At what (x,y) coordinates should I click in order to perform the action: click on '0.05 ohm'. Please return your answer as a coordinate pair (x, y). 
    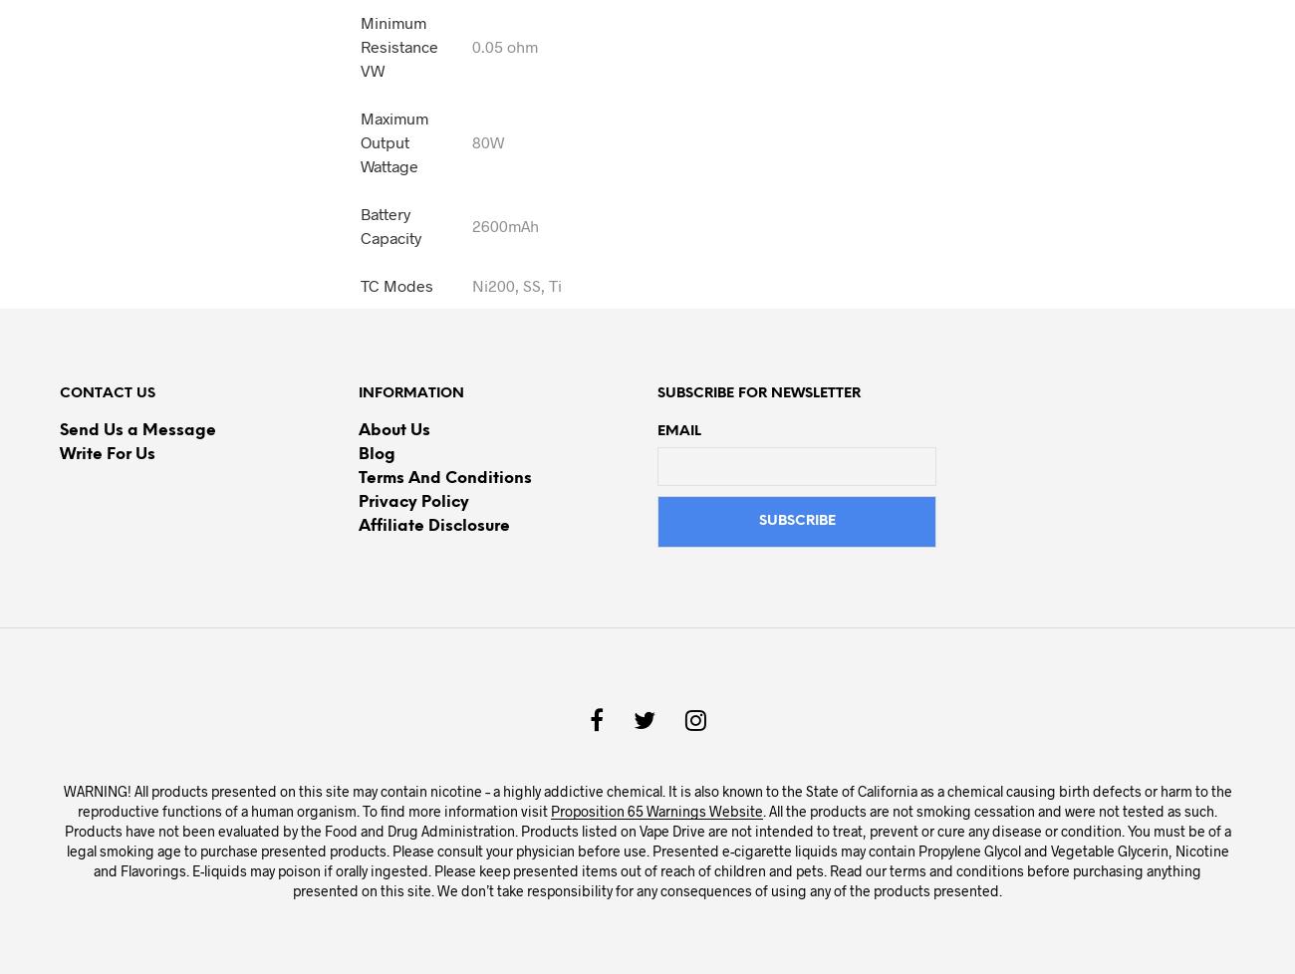
    Looking at the image, I should click on (505, 45).